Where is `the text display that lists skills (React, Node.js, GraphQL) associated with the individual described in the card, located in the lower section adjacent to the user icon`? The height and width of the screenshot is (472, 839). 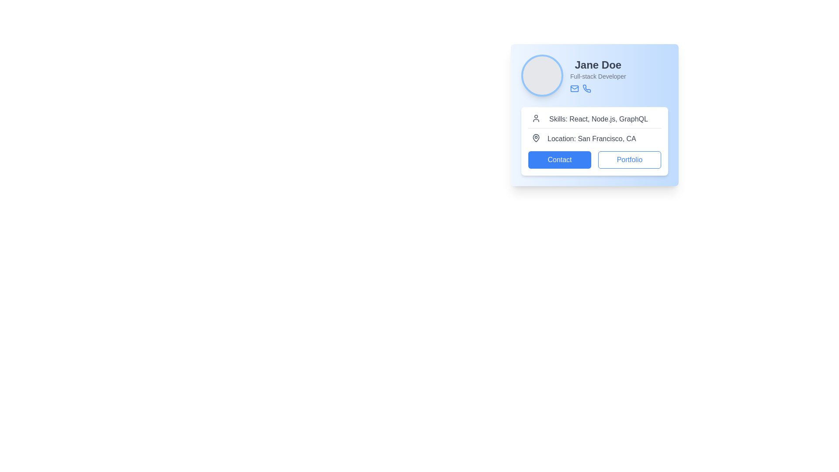
the text display that lists skills (React, Node.js, GraphQL) associated with the individual described in the card, located in the lower section adjacent to the user icon is located at coordinates (598, 119).